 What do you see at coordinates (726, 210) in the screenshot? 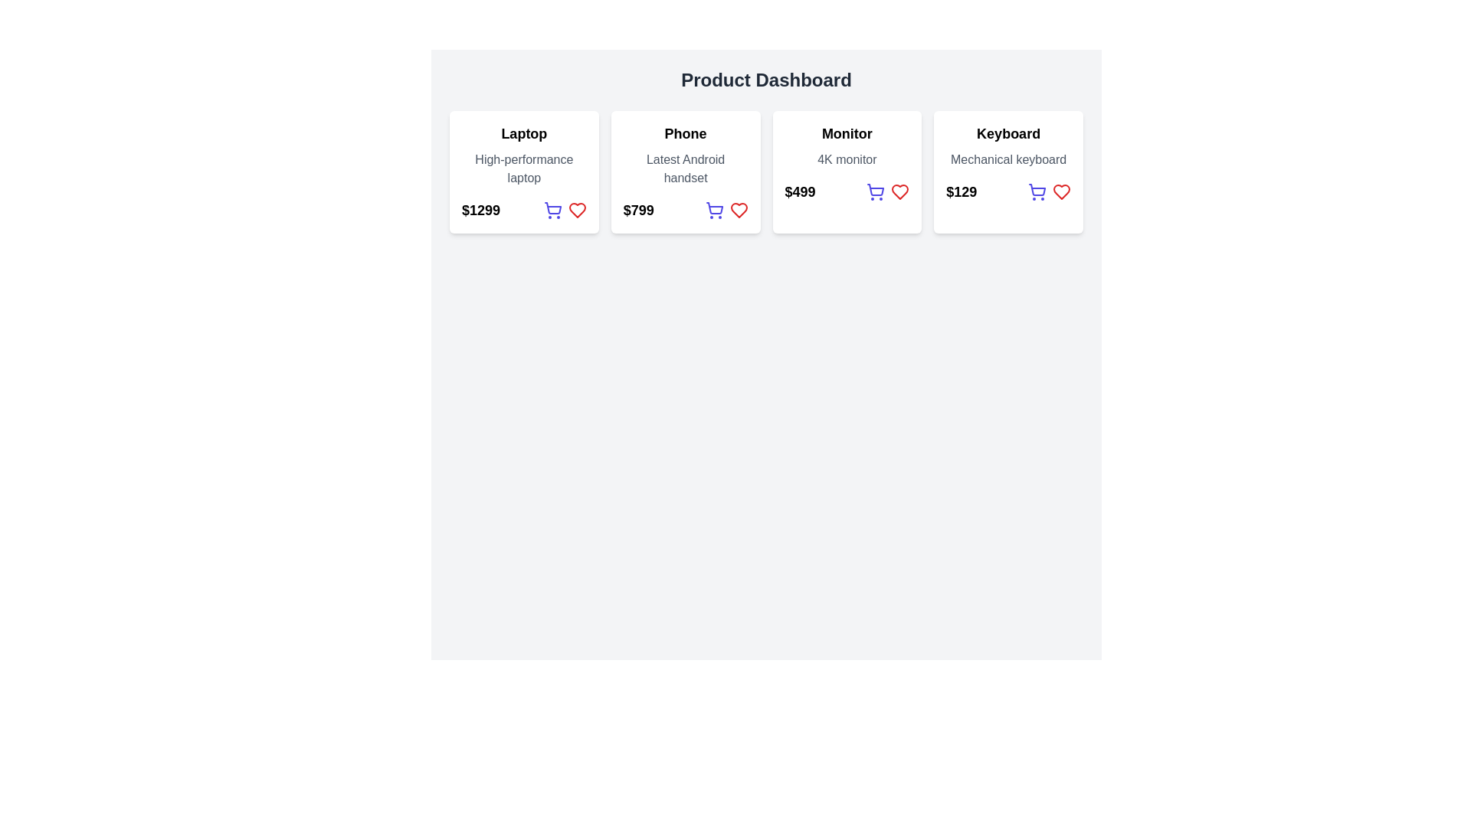
I see `the shopping cart icon located within the 'Phone' item card, which is aligned to the right of the displayed price '$799'` at bounding box center [726, 210].